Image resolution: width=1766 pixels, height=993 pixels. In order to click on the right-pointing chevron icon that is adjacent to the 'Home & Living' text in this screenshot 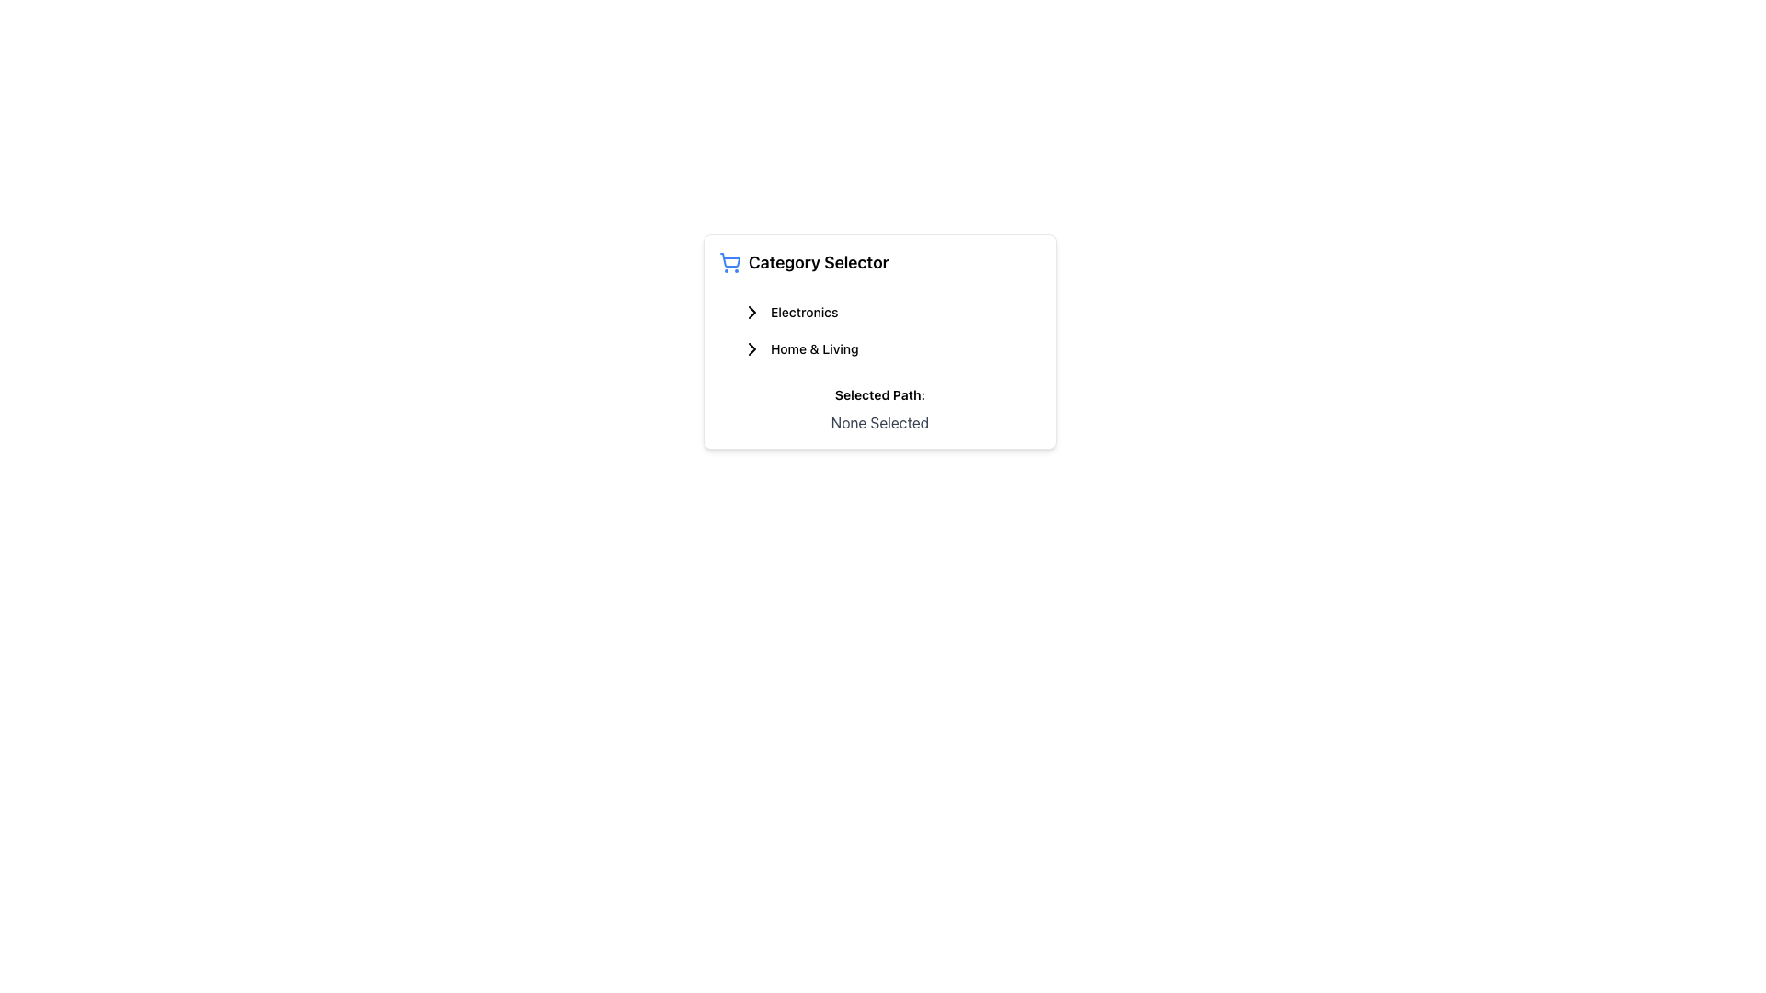, I will do `click(751, 349)`.